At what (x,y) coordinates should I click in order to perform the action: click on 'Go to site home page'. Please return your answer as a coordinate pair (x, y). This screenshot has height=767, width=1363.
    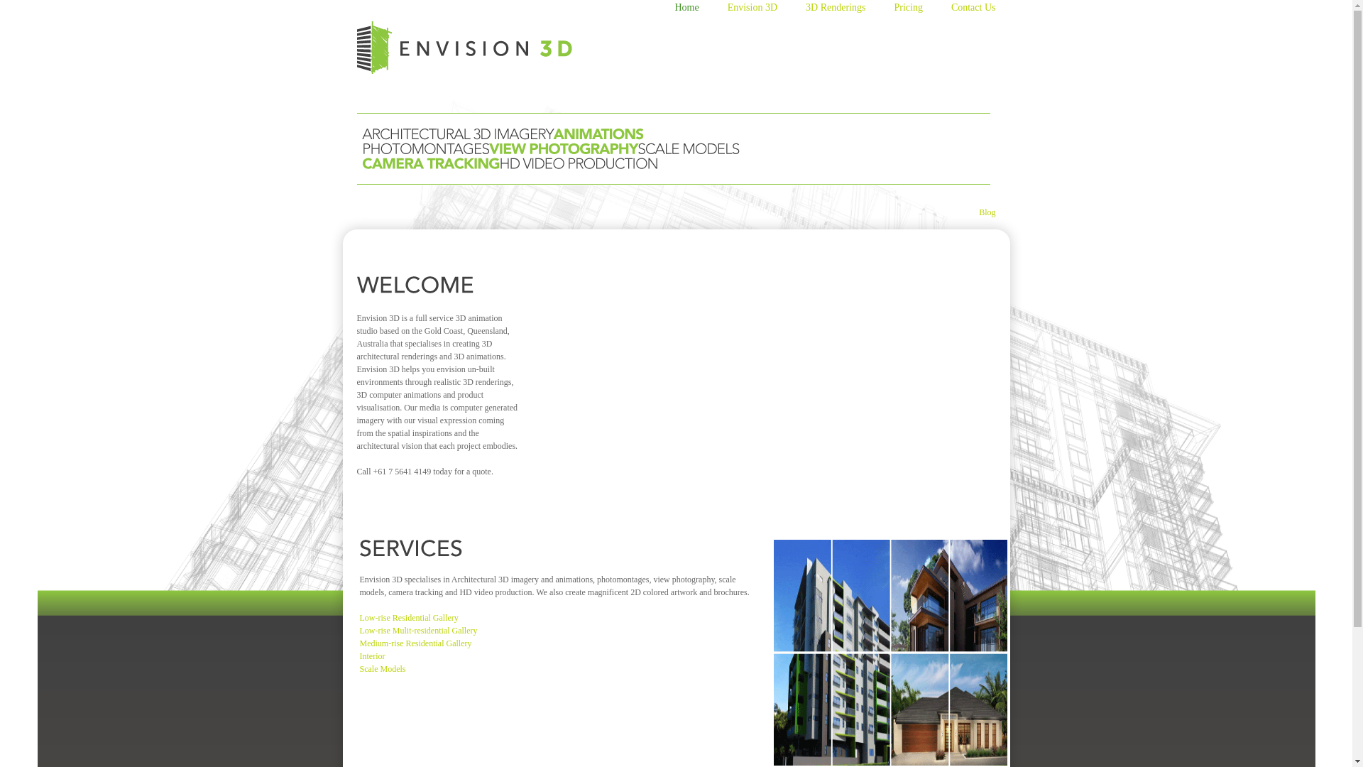
    Looking at the image, I should click on (464, 52).